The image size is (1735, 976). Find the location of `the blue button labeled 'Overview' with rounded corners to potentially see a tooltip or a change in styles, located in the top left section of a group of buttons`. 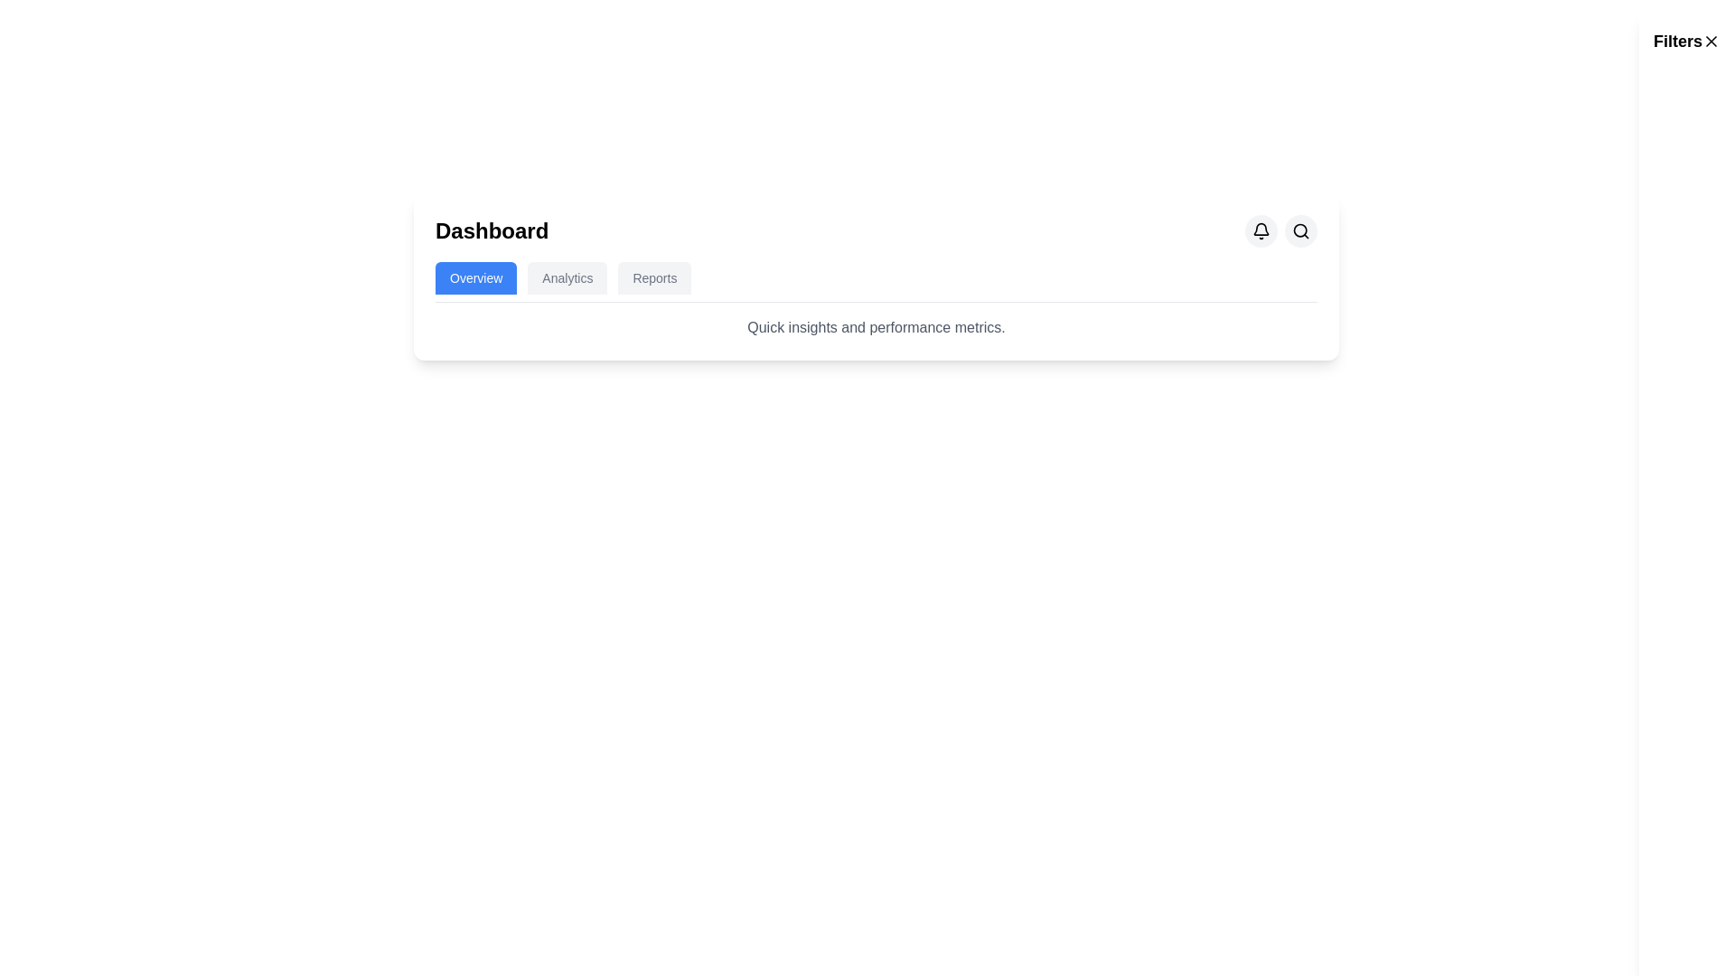

the blue button labeled 'Overview' with rounded corners to potentially see a tooltip or a change in styles, located in the top left section of a group of buttons is located at coordinates (476, 278).